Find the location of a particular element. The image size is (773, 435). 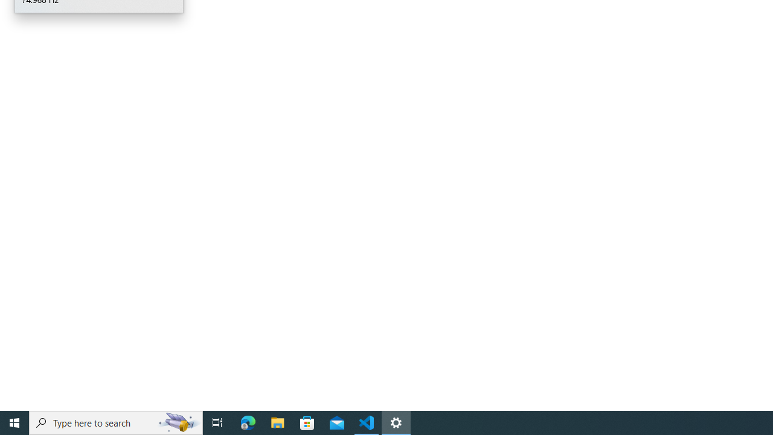

'Visual Studio Code - 1 running window' is located at coordinates (366, 422).